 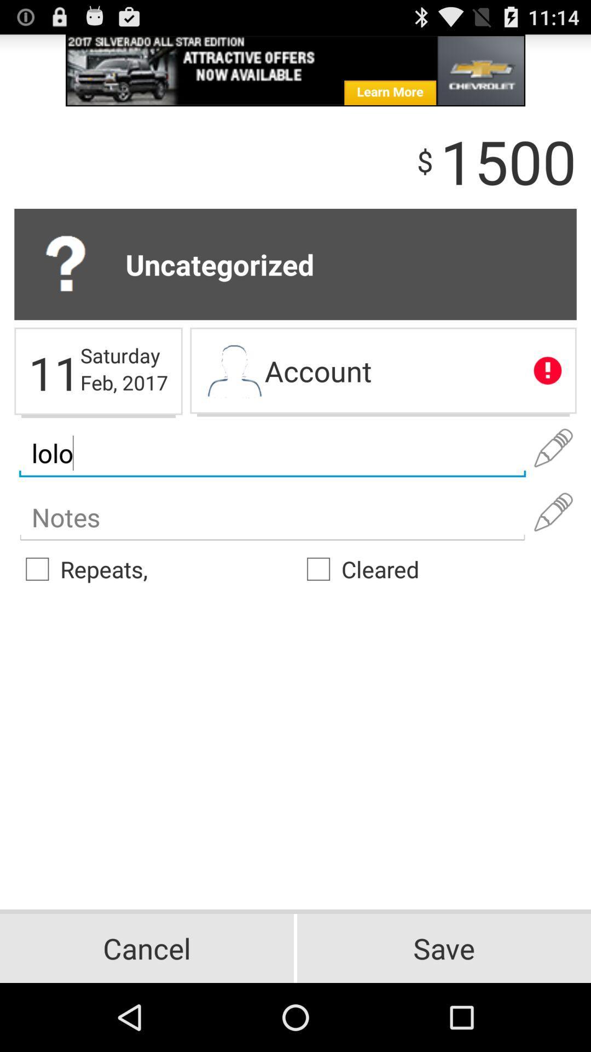 I want to click on account, so click(x=234, y=372).